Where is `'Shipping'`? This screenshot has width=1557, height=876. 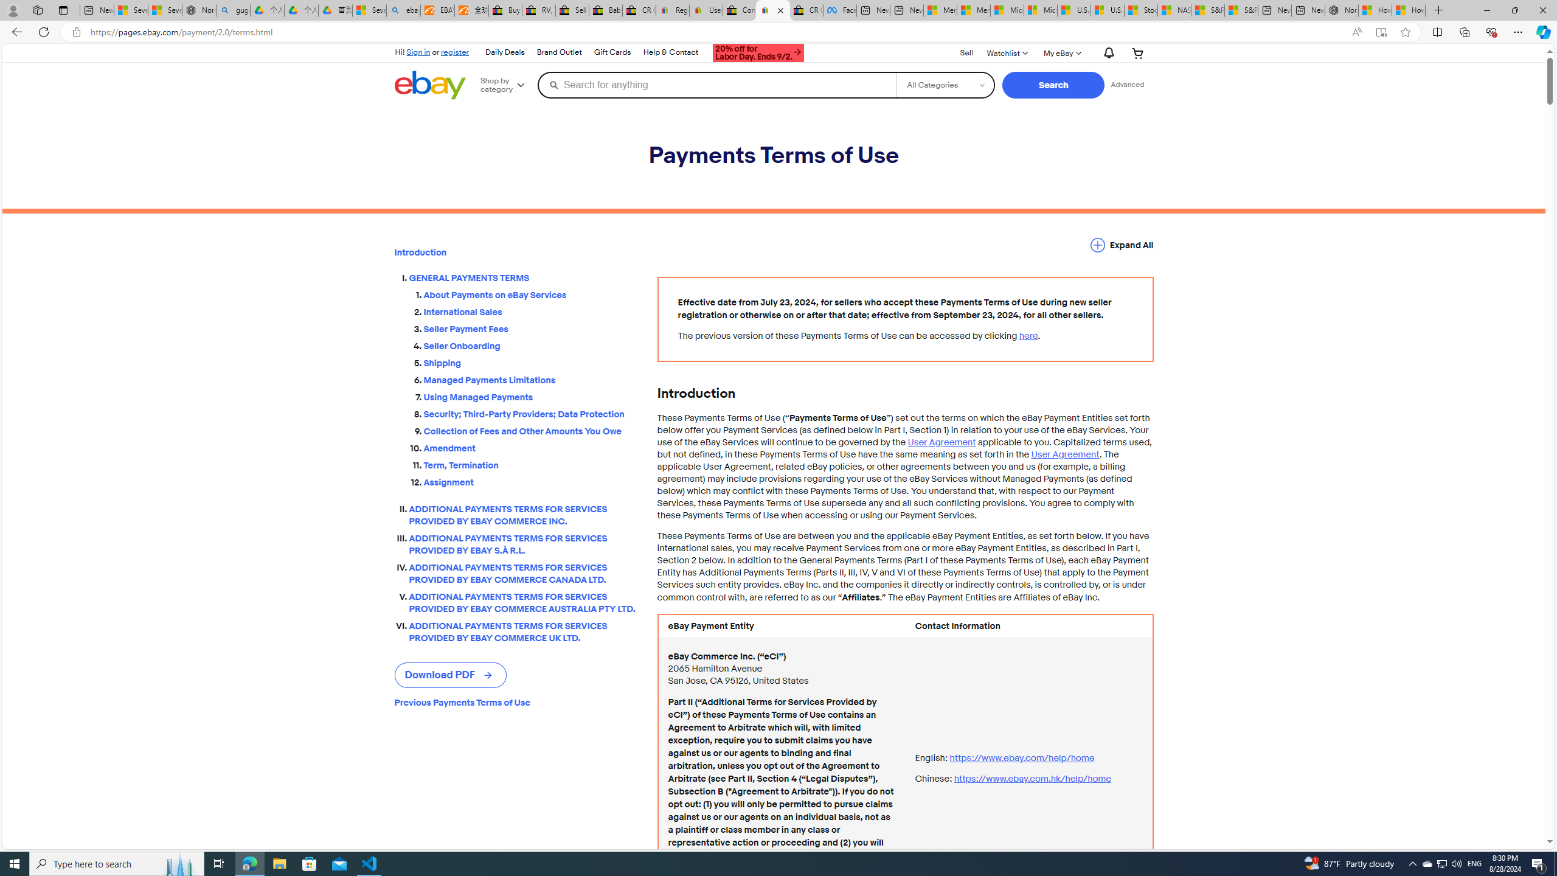 'Shipping' is located at coordinates (530, 363).